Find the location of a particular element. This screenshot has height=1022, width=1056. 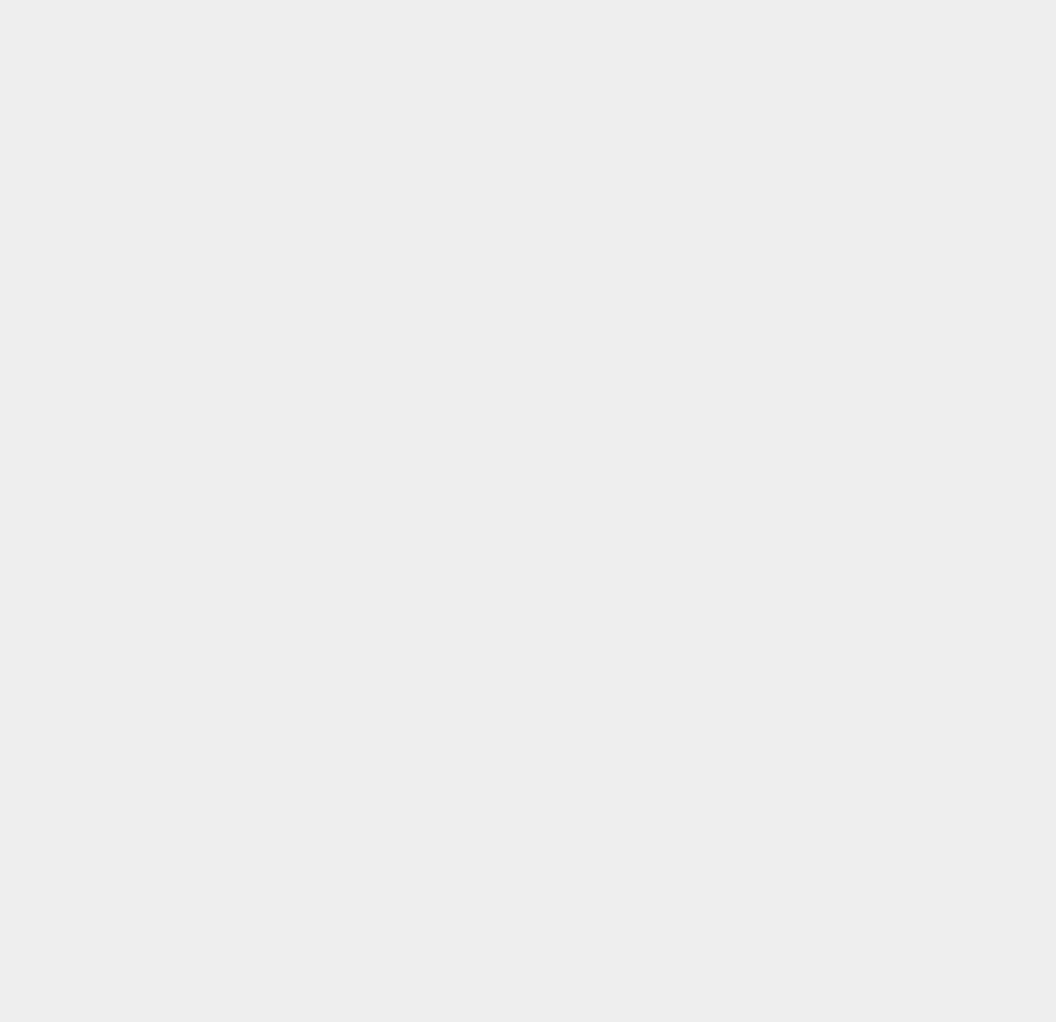

'Android 7' is located at coordinates (747, 452).